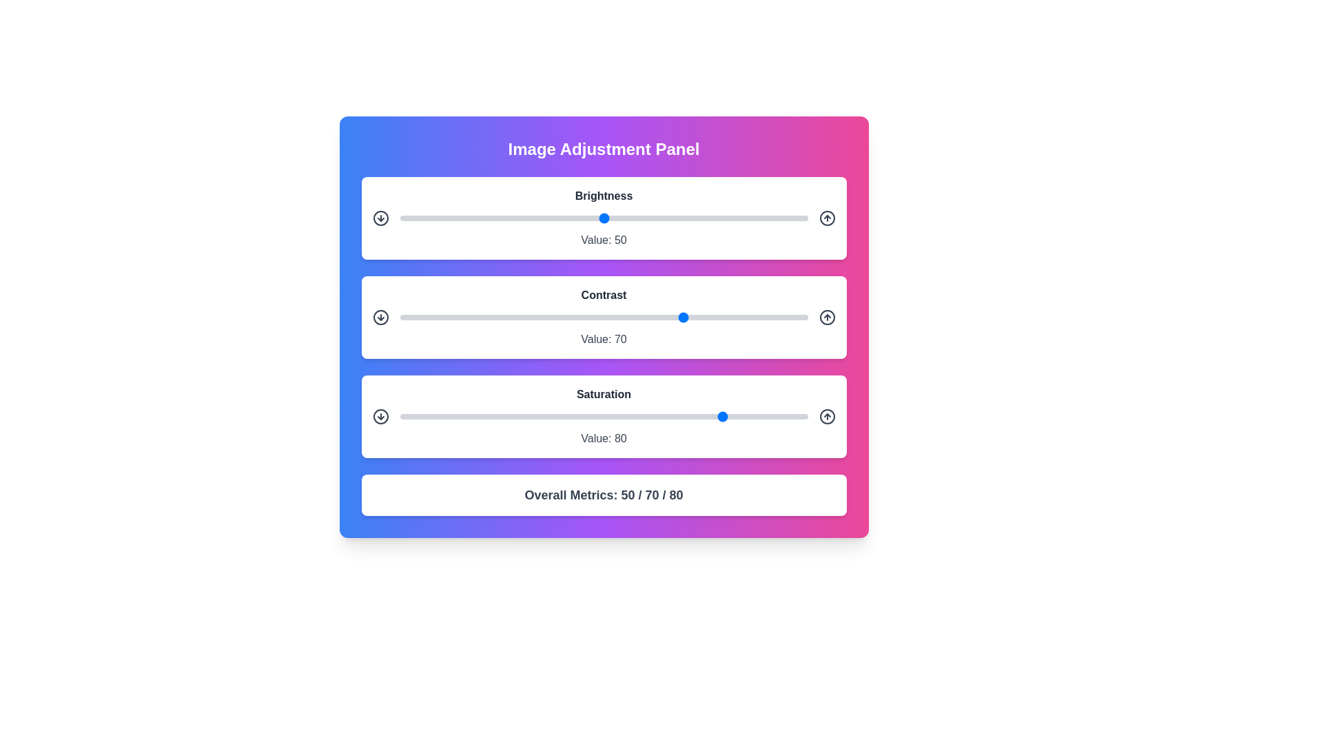 This screenshot has width=1323, height=744. What do you see at coordinates (652, 217) in the screenshot?
I see `brightness` at bounding box center [652, 217].